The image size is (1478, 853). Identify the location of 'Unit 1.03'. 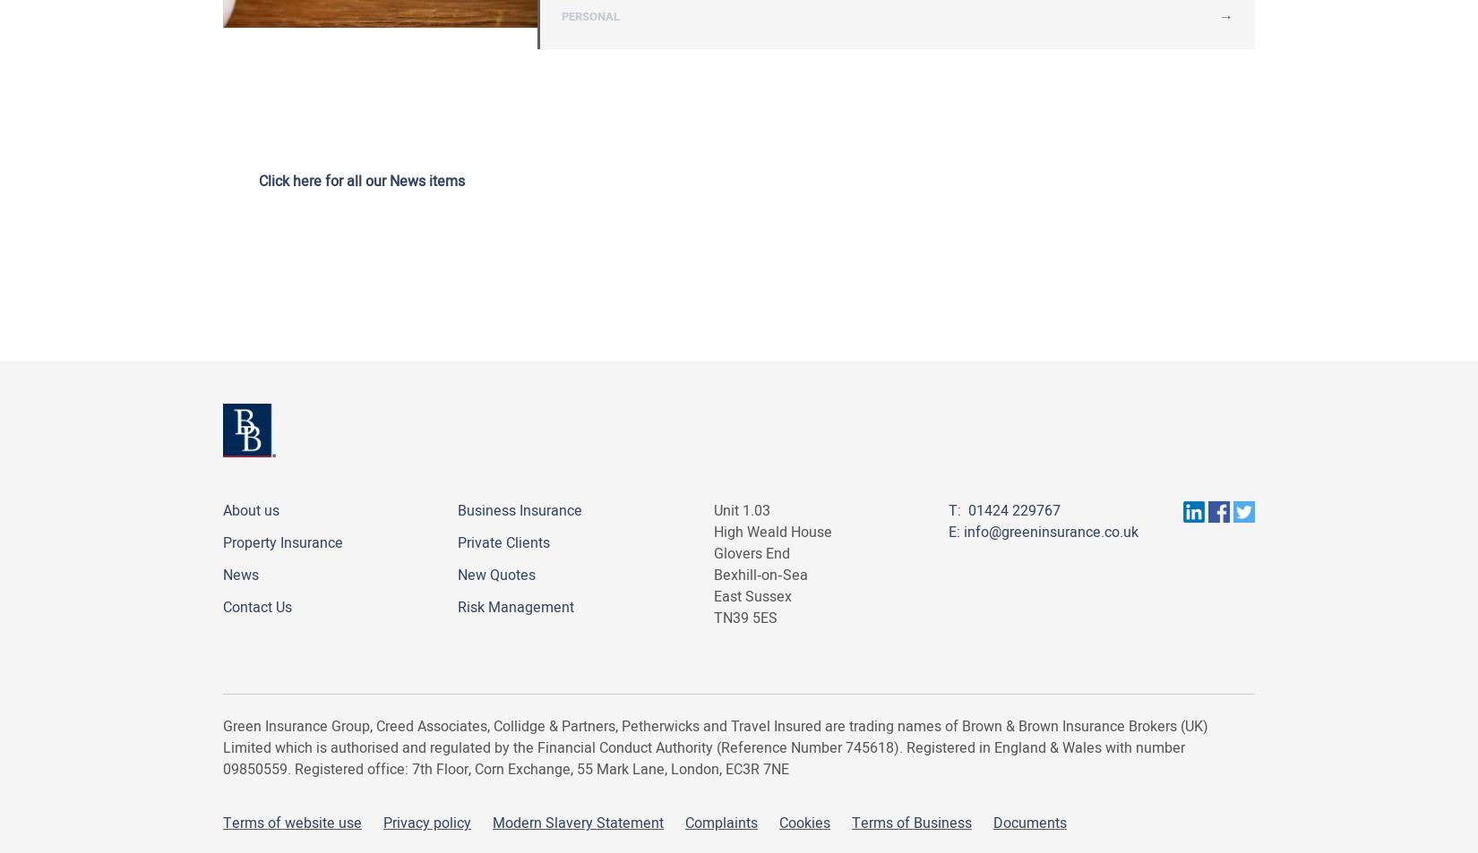
(742, 511).